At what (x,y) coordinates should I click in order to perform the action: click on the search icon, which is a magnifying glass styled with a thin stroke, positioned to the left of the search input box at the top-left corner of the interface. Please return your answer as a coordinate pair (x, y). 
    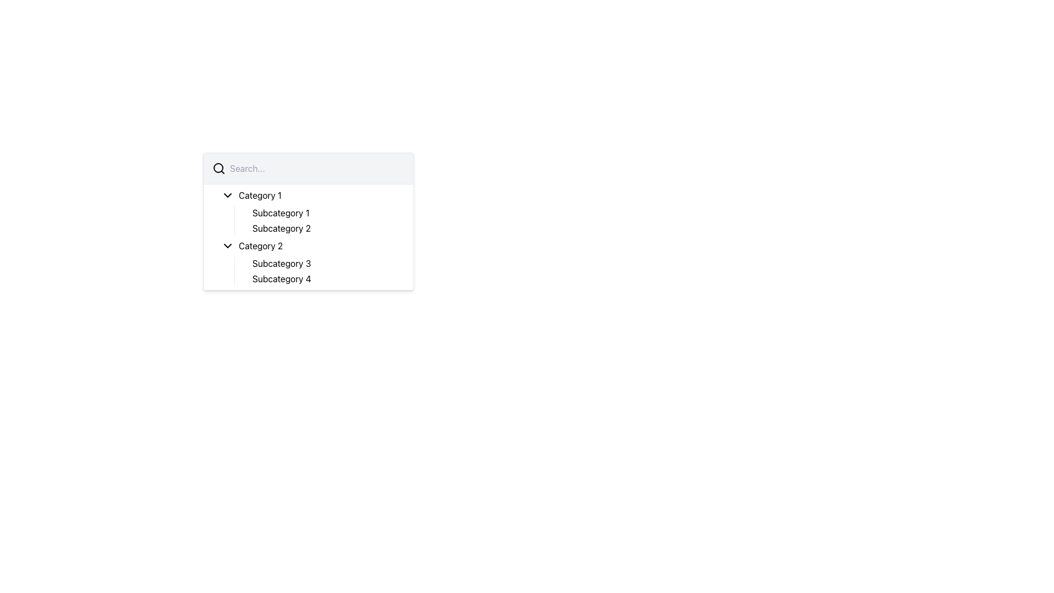
    Looking at the image, I should click on (218, 169).